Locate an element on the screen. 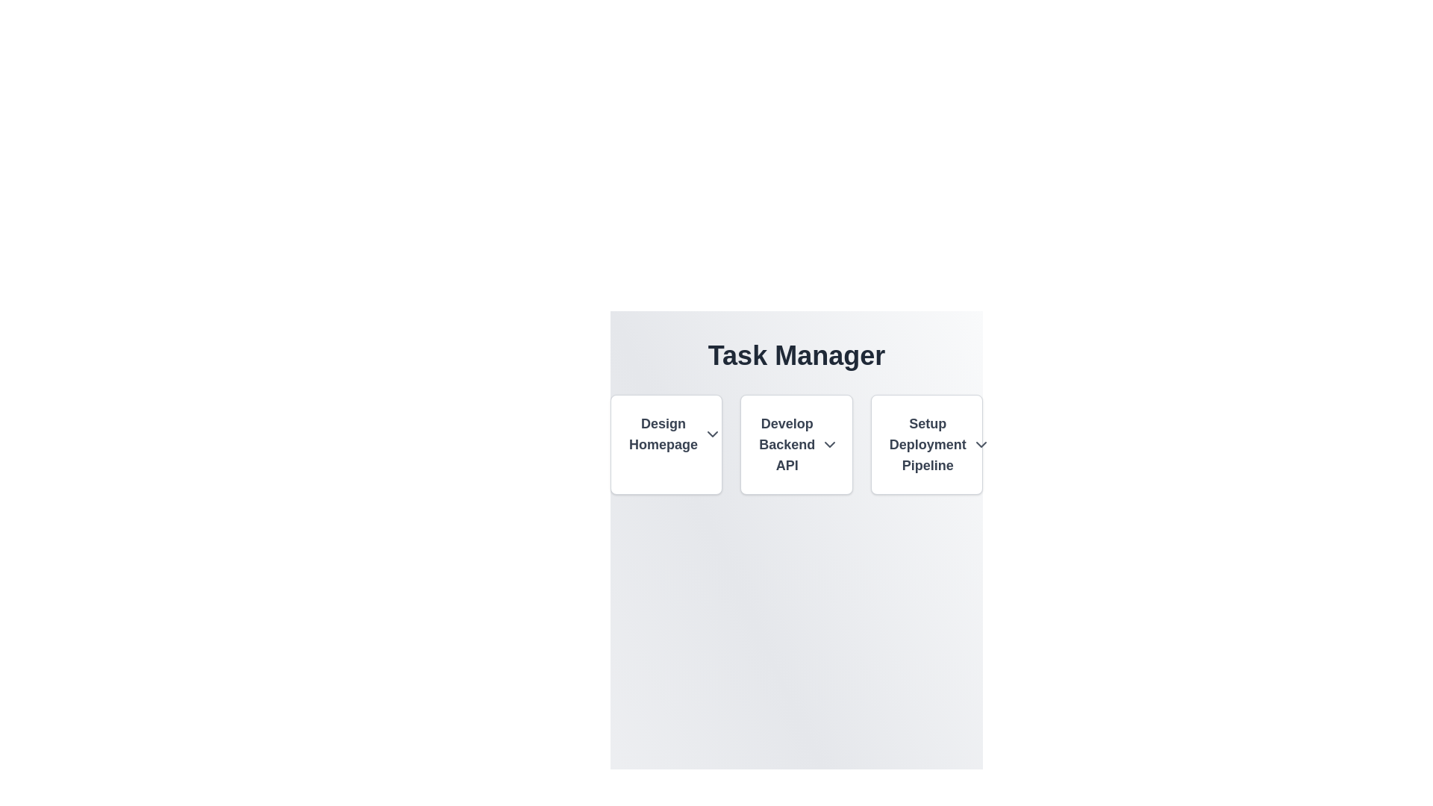 This screenshot has height=806, width=1433. the interactive elements adjacent to the static text 'Develop Backend API' within the Task Manager card is located at coordinates (786, 444).